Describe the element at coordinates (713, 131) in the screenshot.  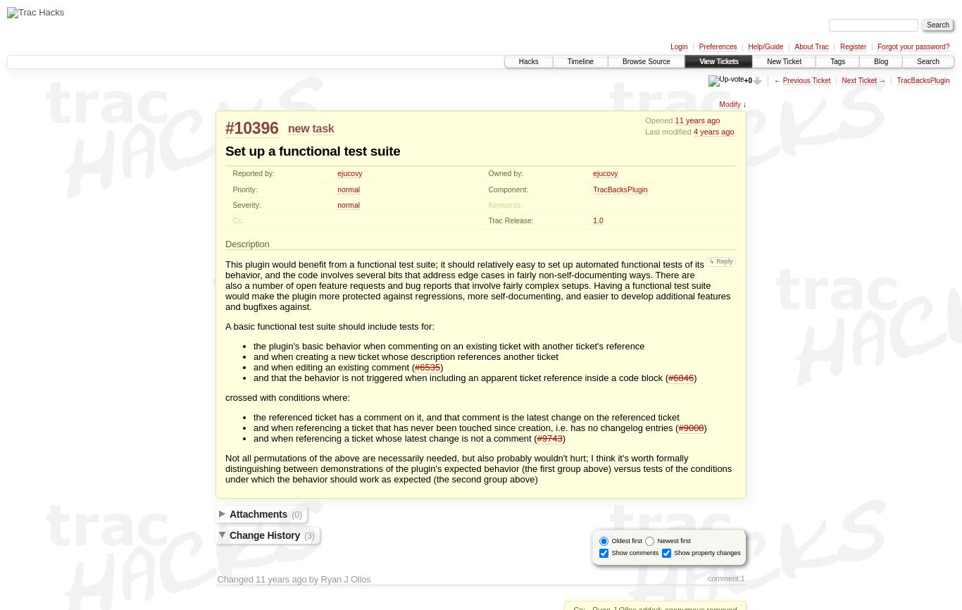
I see `'4 years ago'` at that location.